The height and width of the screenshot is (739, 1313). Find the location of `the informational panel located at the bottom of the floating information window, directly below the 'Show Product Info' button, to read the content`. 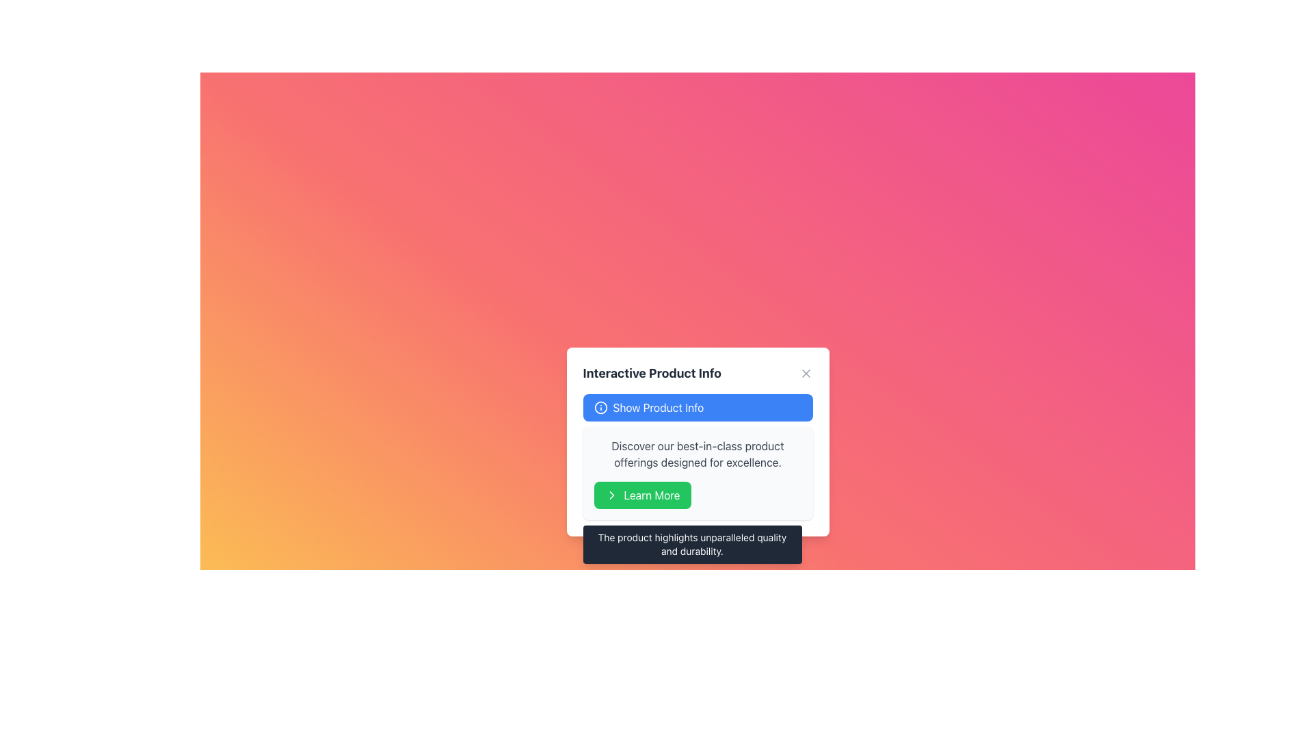

the informational panel located at the bottom of the floating information window, directly below the 'Show Product Info' button, to read the content is located at coordinates (692, 543).